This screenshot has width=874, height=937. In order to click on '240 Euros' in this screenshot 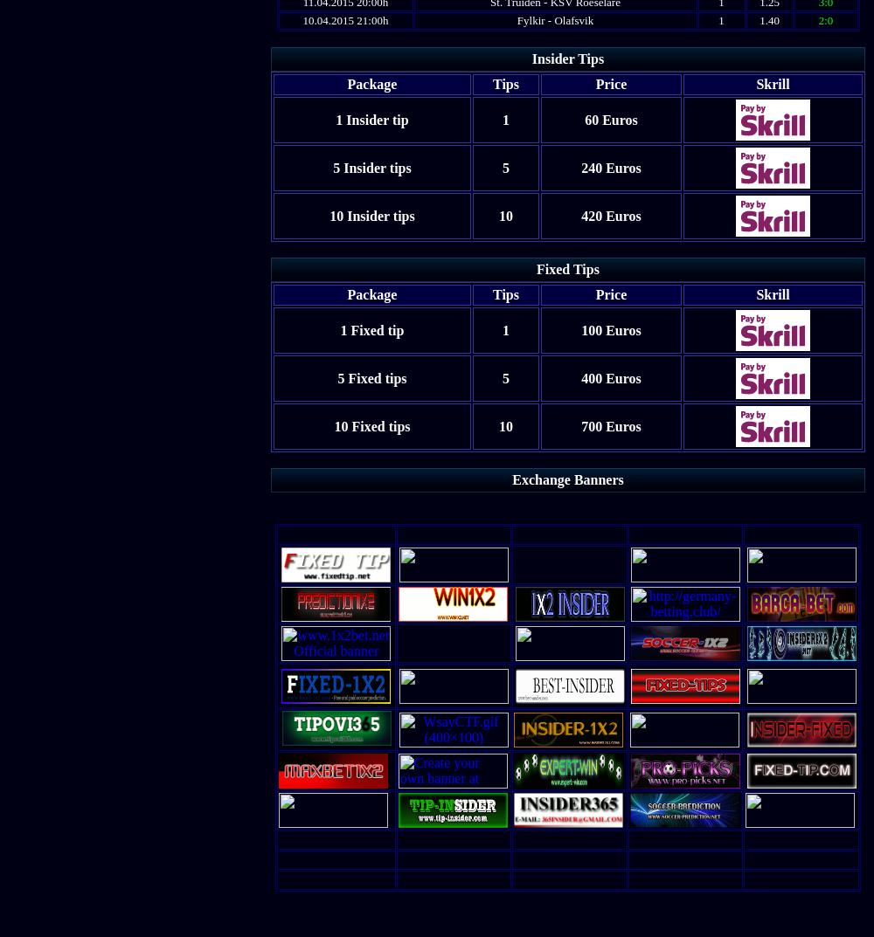, I will do `click(610, 167)`.